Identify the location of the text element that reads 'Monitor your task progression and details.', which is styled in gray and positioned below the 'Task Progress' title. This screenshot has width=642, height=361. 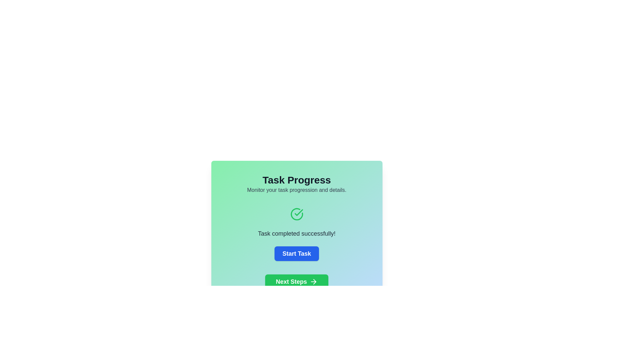
(296, 190).